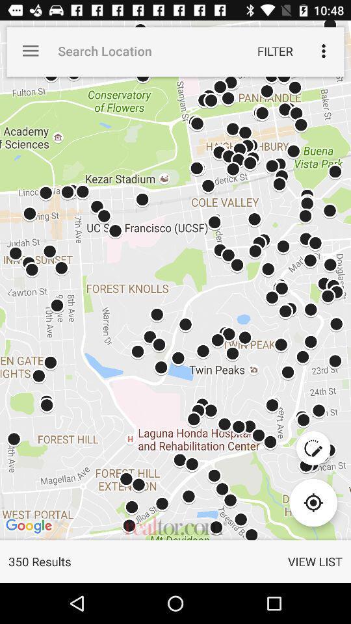  I want to click on item above the view list item, so click(313, 502).